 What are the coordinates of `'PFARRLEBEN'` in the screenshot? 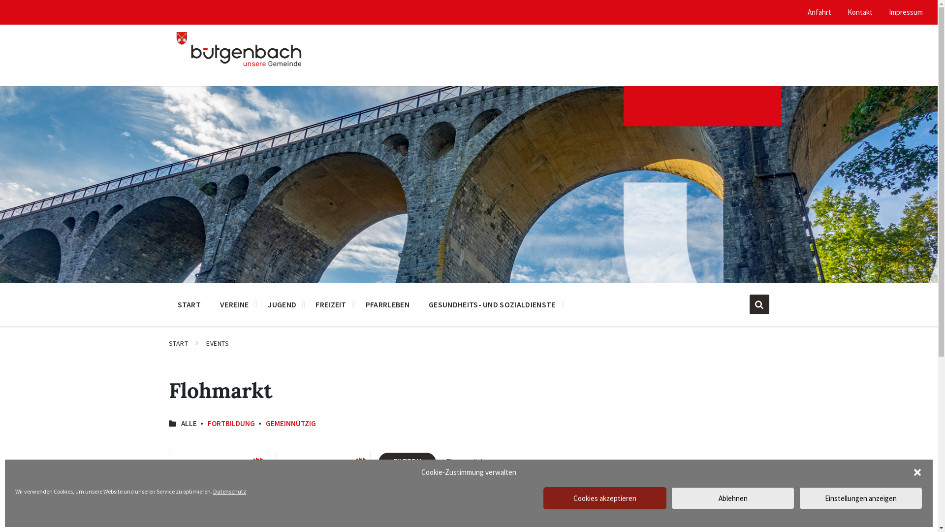 It's located at (387, 303).